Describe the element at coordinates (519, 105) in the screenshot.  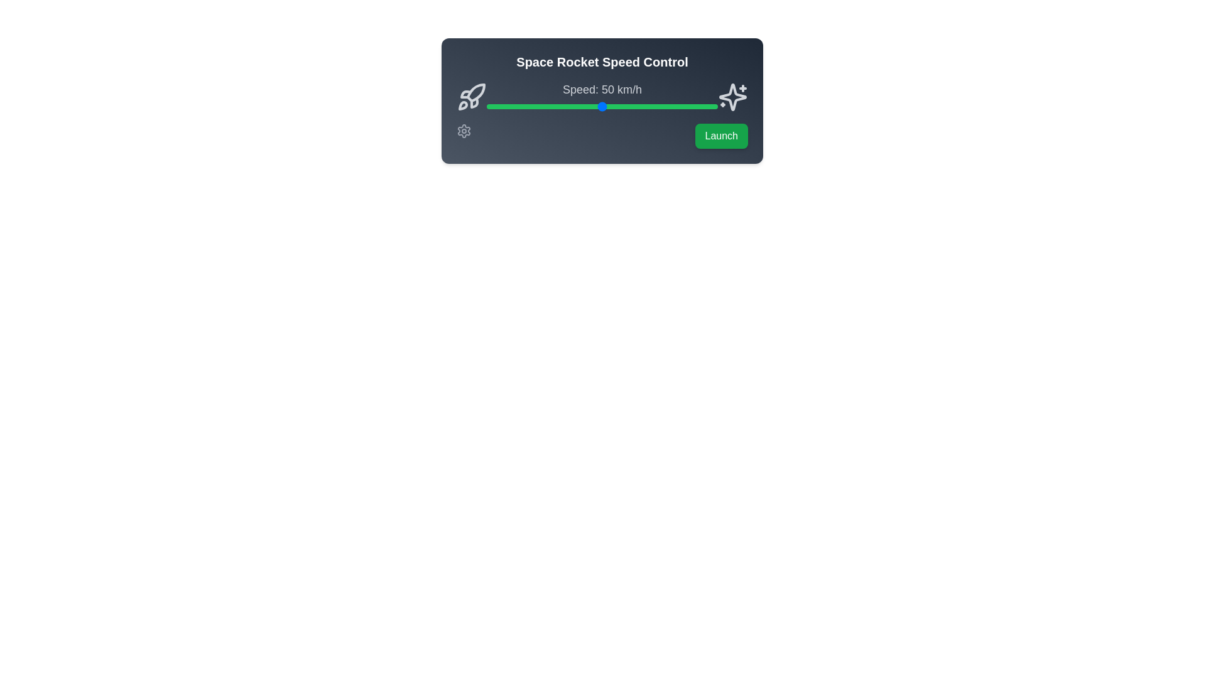
I see `the speed slider to set the speed to 14 km/h` at that location.